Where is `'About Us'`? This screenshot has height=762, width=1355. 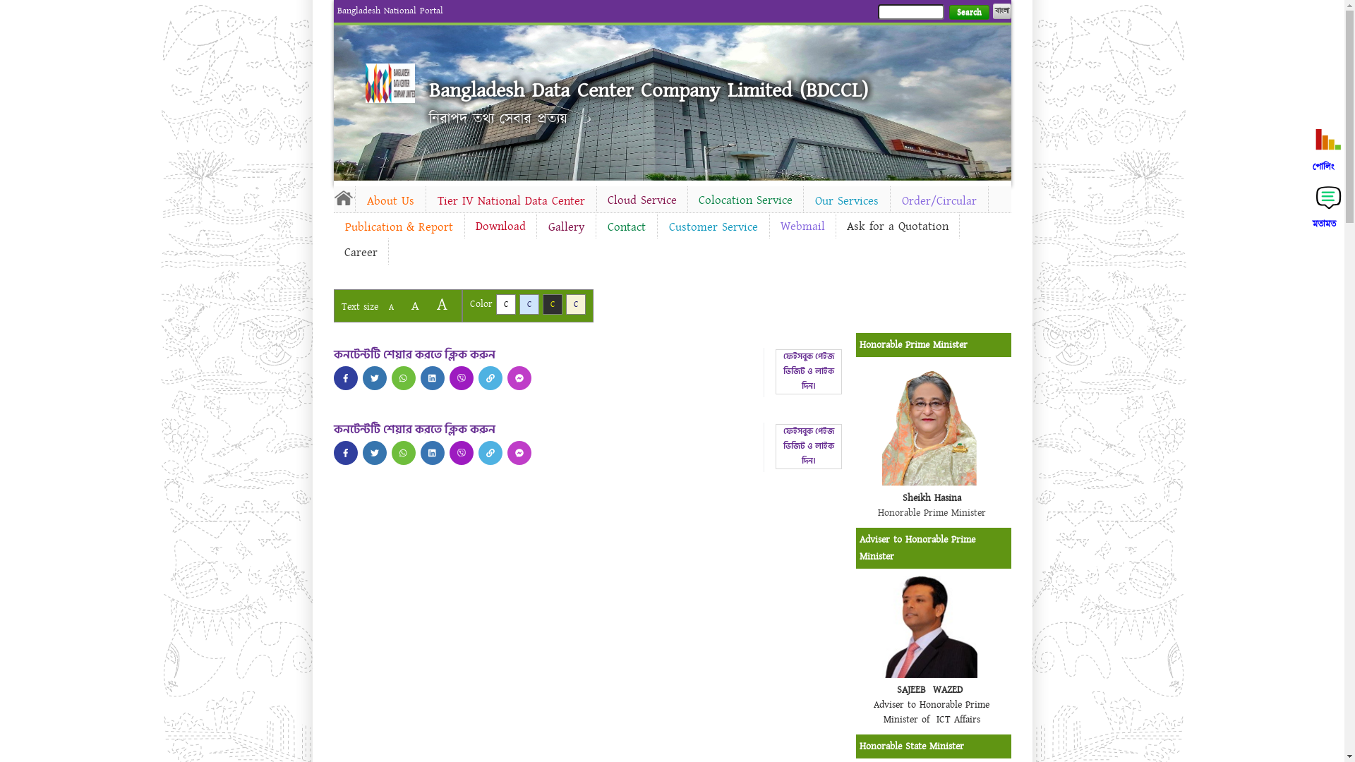
'About Us' is located at coordinates (390, 201).